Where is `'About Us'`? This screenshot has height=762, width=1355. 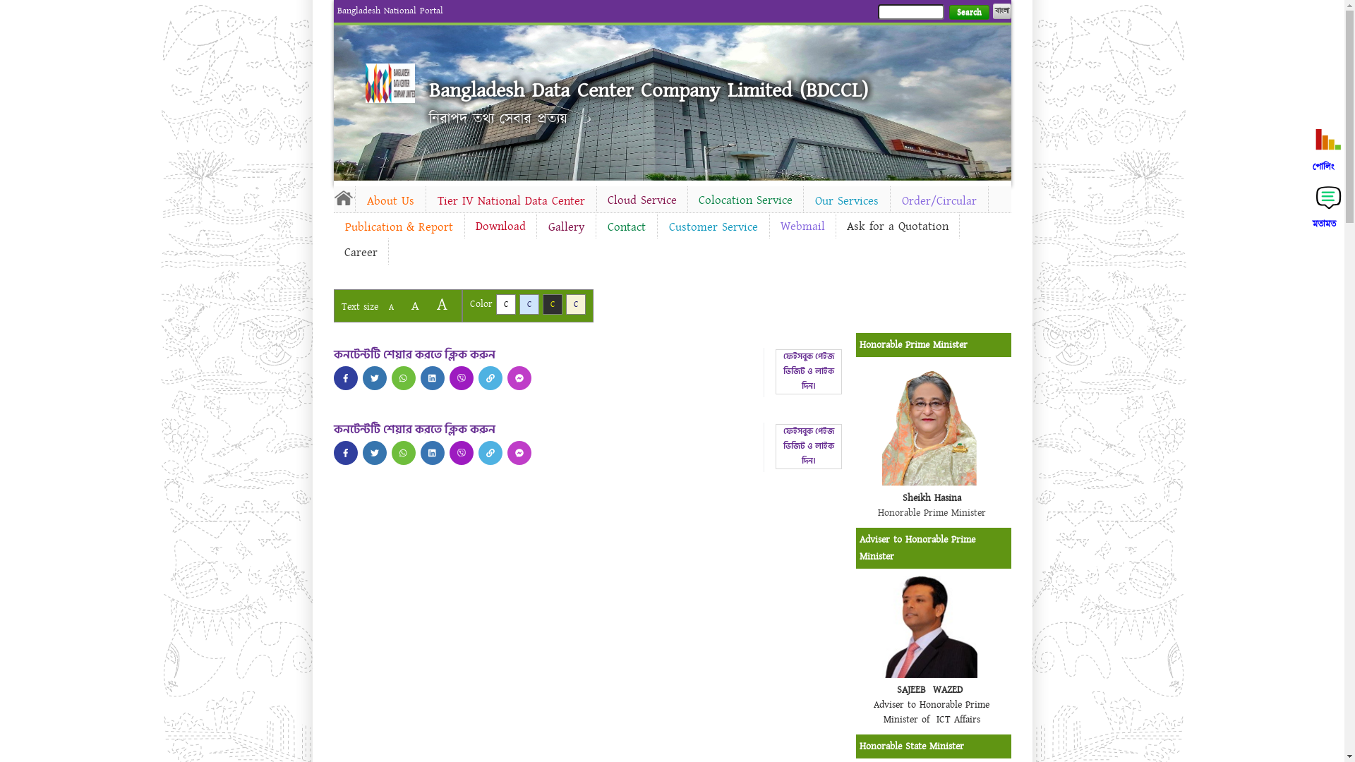
'About Us' is located at coordinates (390, 201).